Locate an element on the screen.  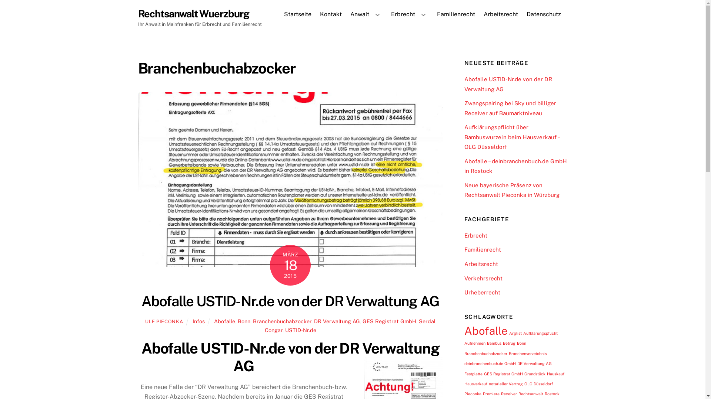
'GES Registrat GmbH' is located at coordinates (389, 321).